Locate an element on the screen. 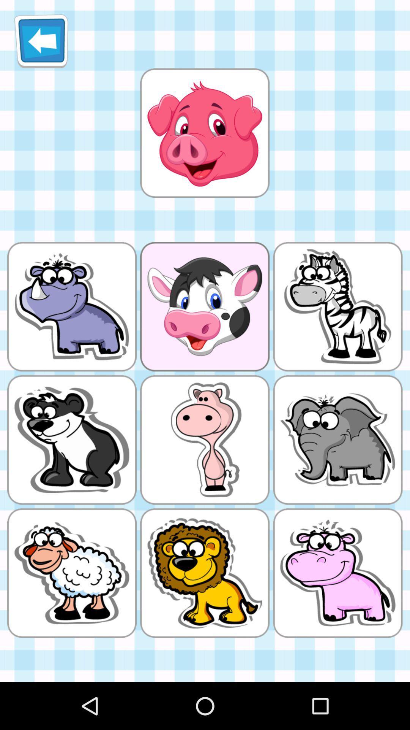  item at the top left corner is located at coordinates (41, 41).